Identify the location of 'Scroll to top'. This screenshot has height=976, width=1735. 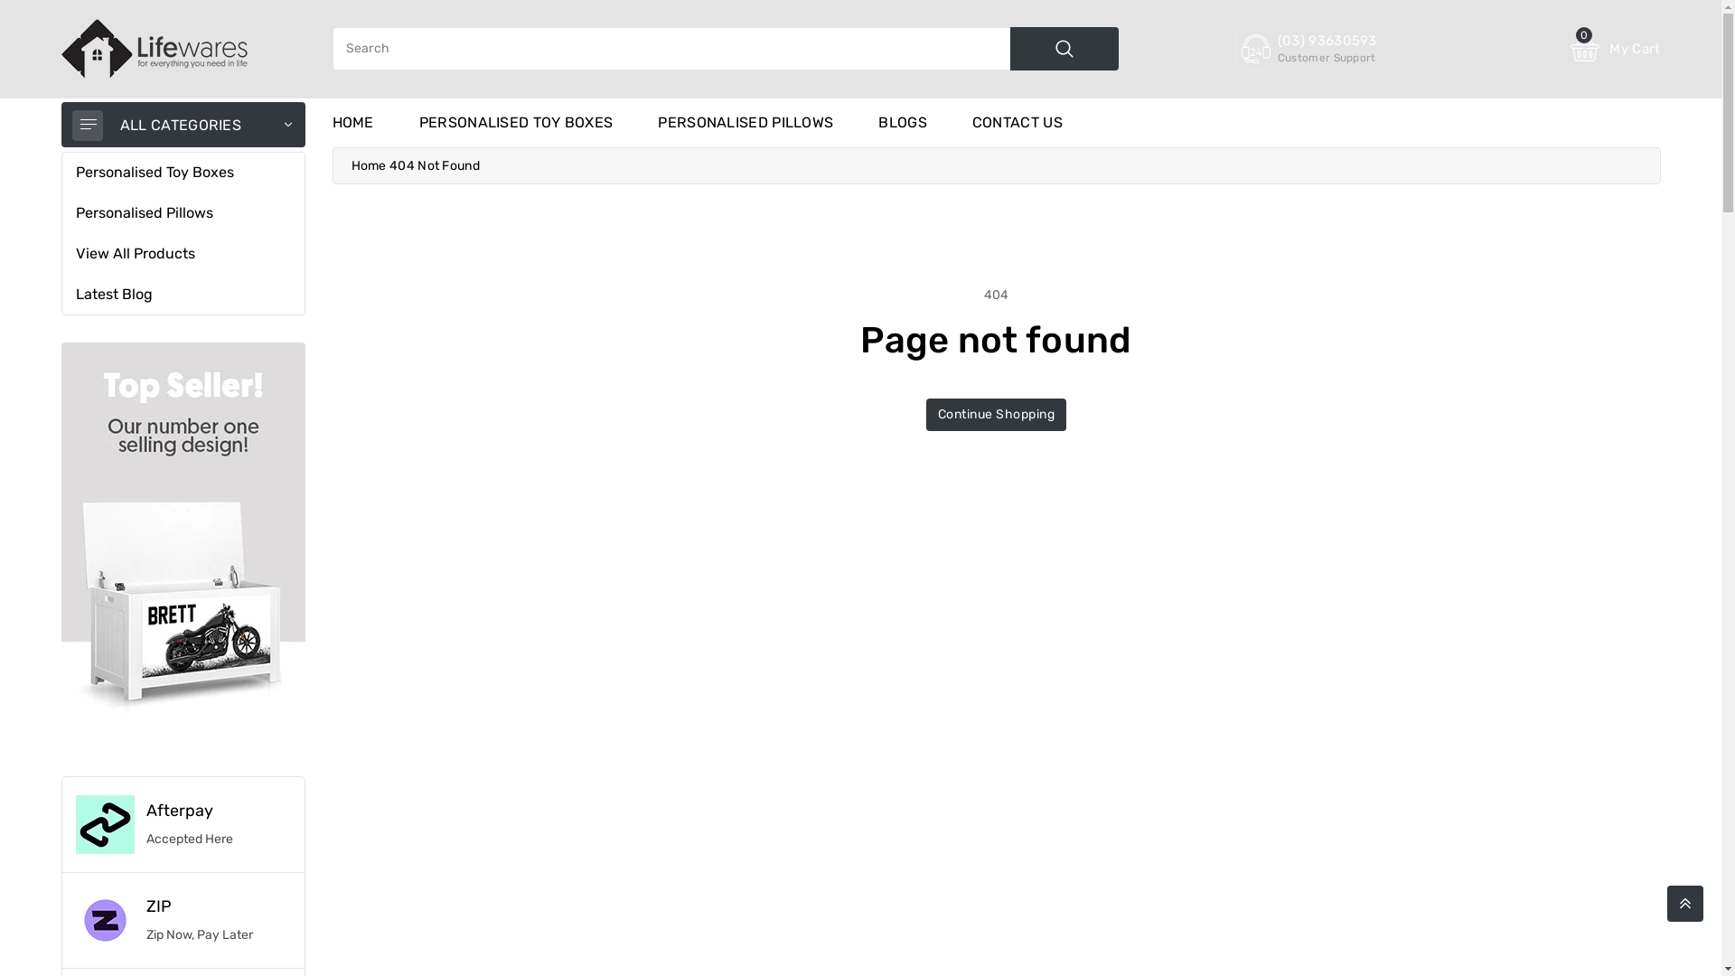
(1665, 903).